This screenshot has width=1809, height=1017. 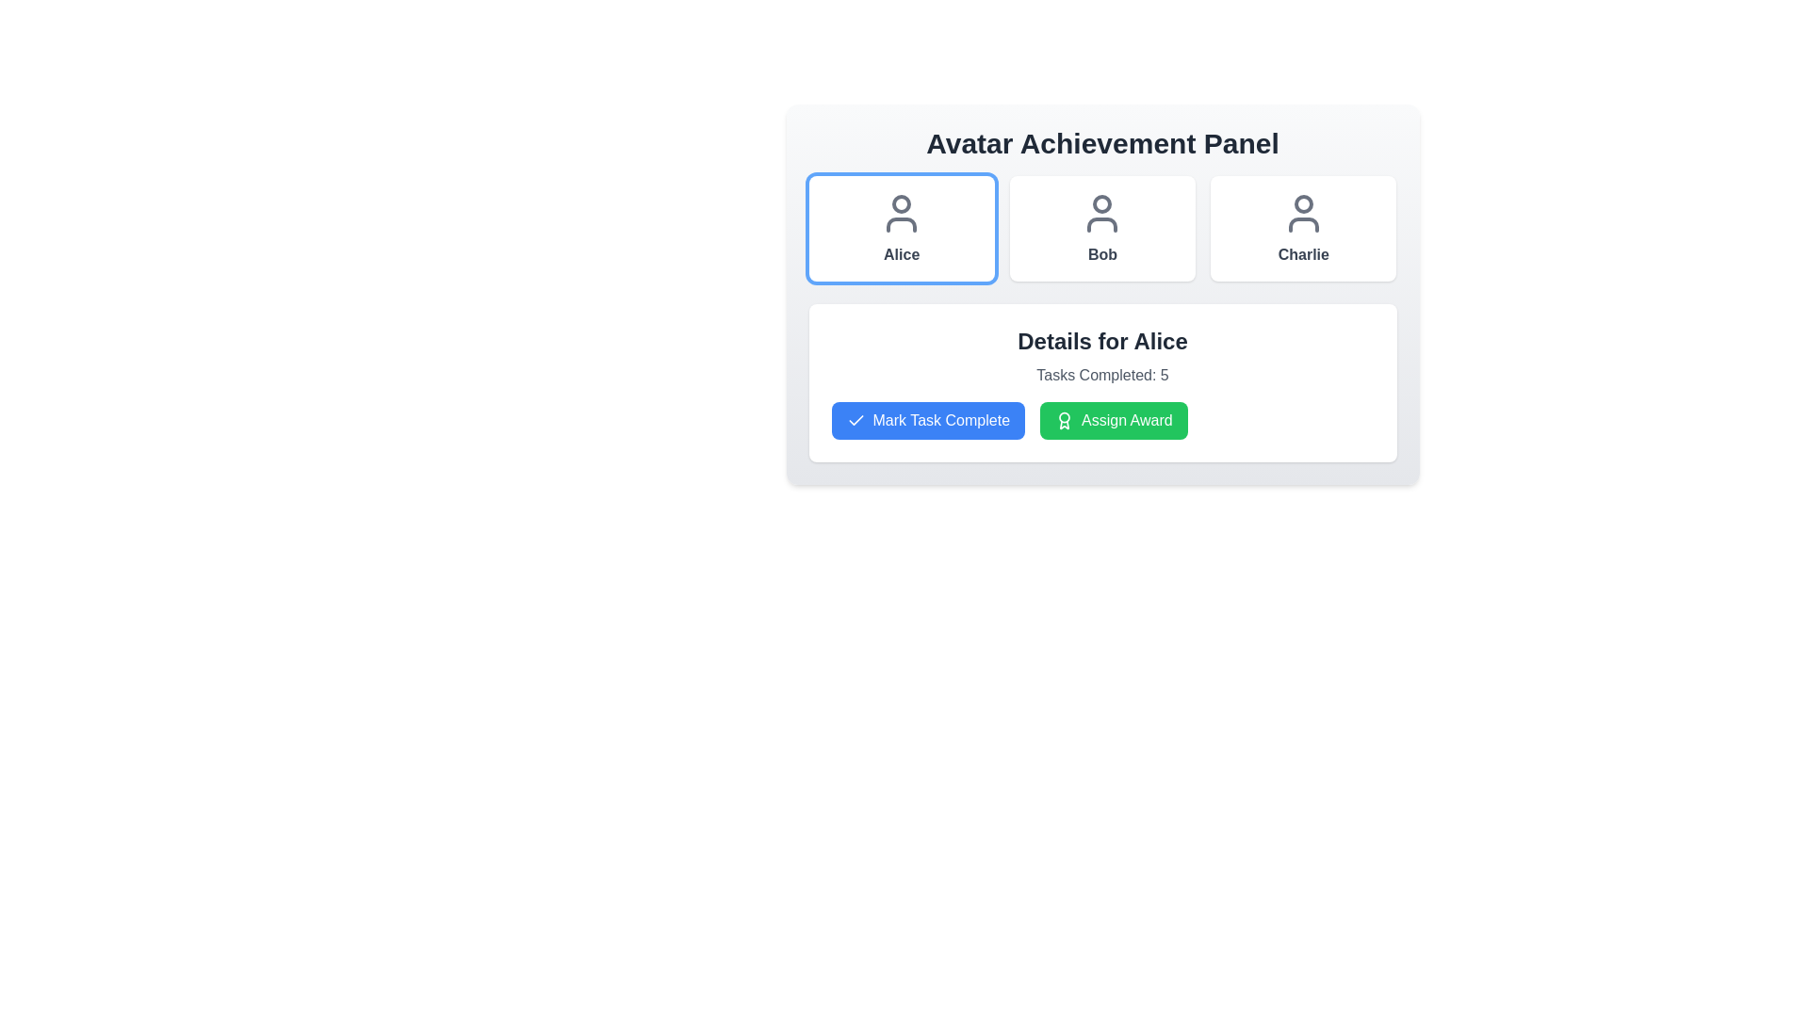 I want to click on the user avatar icon representing Alice, which is located in the top row of the Avatar Achievement Panel above the text label 'Alice', so click(x=901, y=213).